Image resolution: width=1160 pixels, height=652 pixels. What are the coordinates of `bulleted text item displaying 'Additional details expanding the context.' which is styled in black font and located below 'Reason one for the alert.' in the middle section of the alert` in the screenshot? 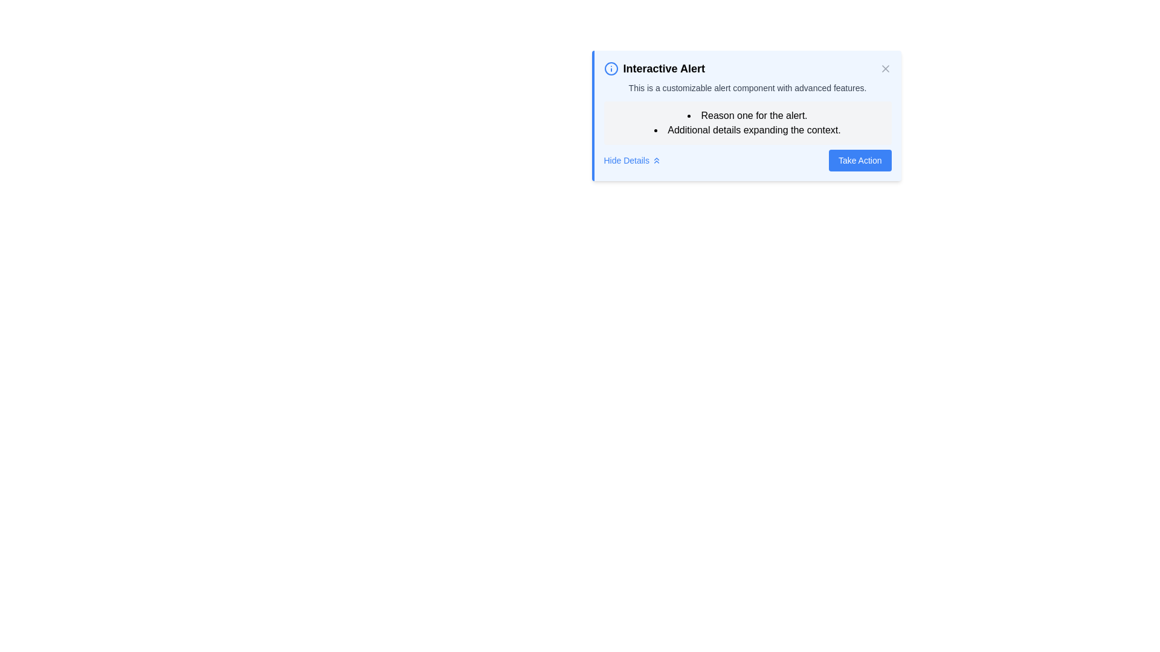 It's located at (747, 130).